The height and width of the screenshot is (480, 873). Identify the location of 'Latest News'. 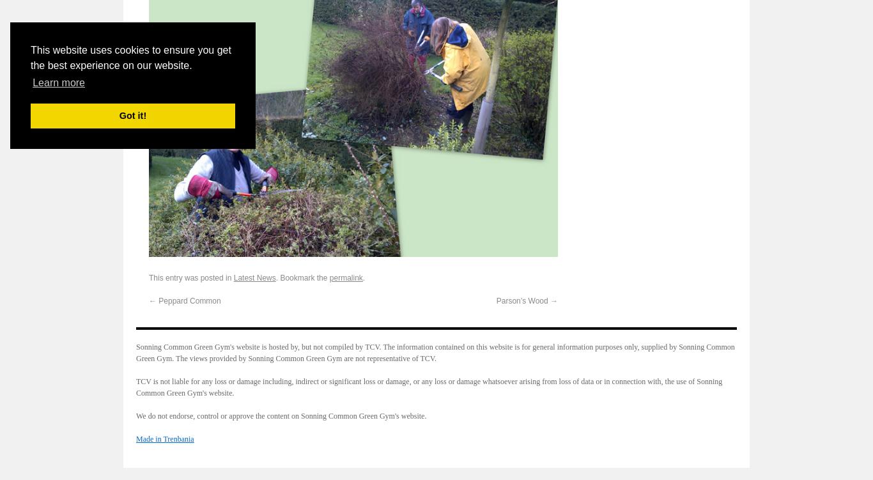
(254, 277).